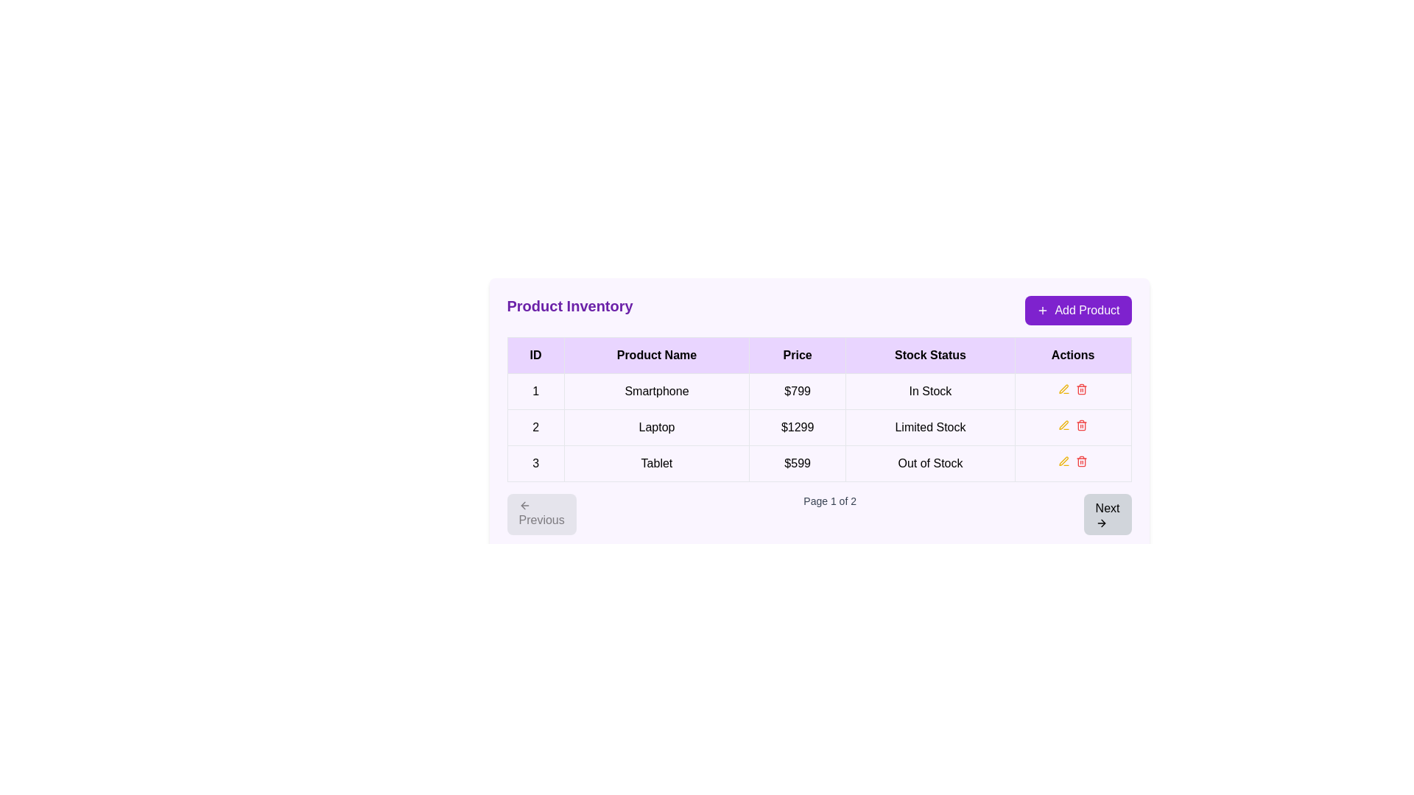 The height and width of the screenshot is (795, 1414). What do you see at coordinates (797, 391) in the screenshot?
I see `text content displayed in the Text Display Element showing '$799' in bold typography on a light purple background, located in the first row of the table under the 'Price' column` at bounding box center [797, 391].